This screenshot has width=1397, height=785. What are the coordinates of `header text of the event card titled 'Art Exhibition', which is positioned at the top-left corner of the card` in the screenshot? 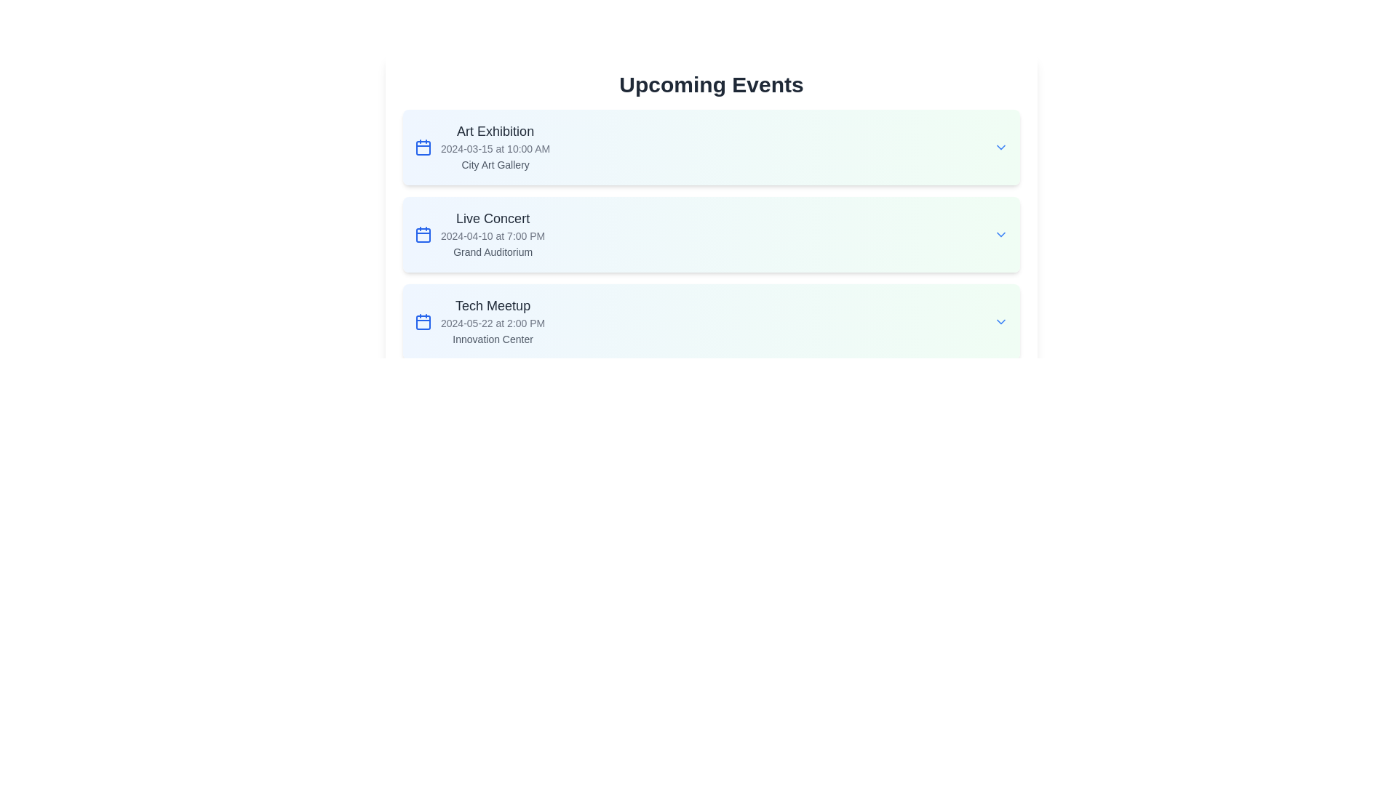 It's located at (495, 132).